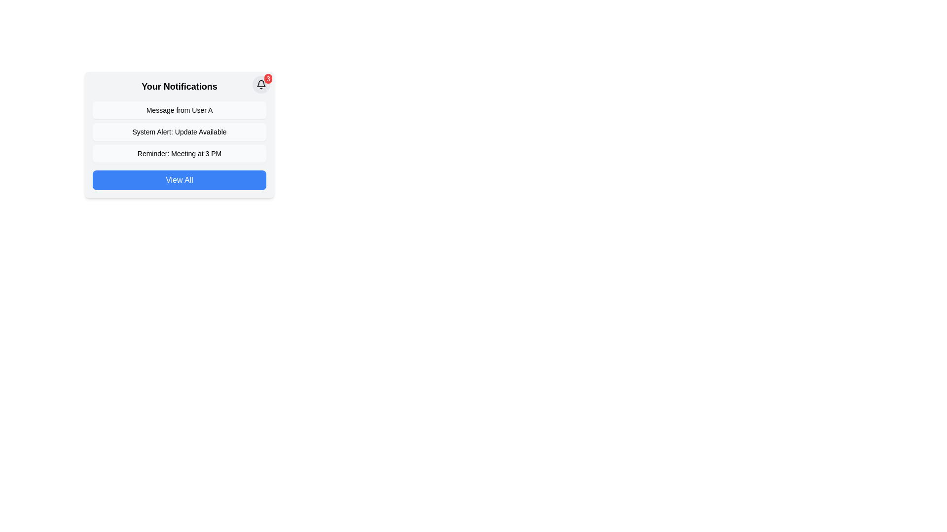 The width and height of the screenshot is (947, 532). Describe the element at coordinates (180, 134) in the screenshot. I see `static informational text notification titled 'System Alert: Update Available', which is the third item located below two other notifications` at that location.